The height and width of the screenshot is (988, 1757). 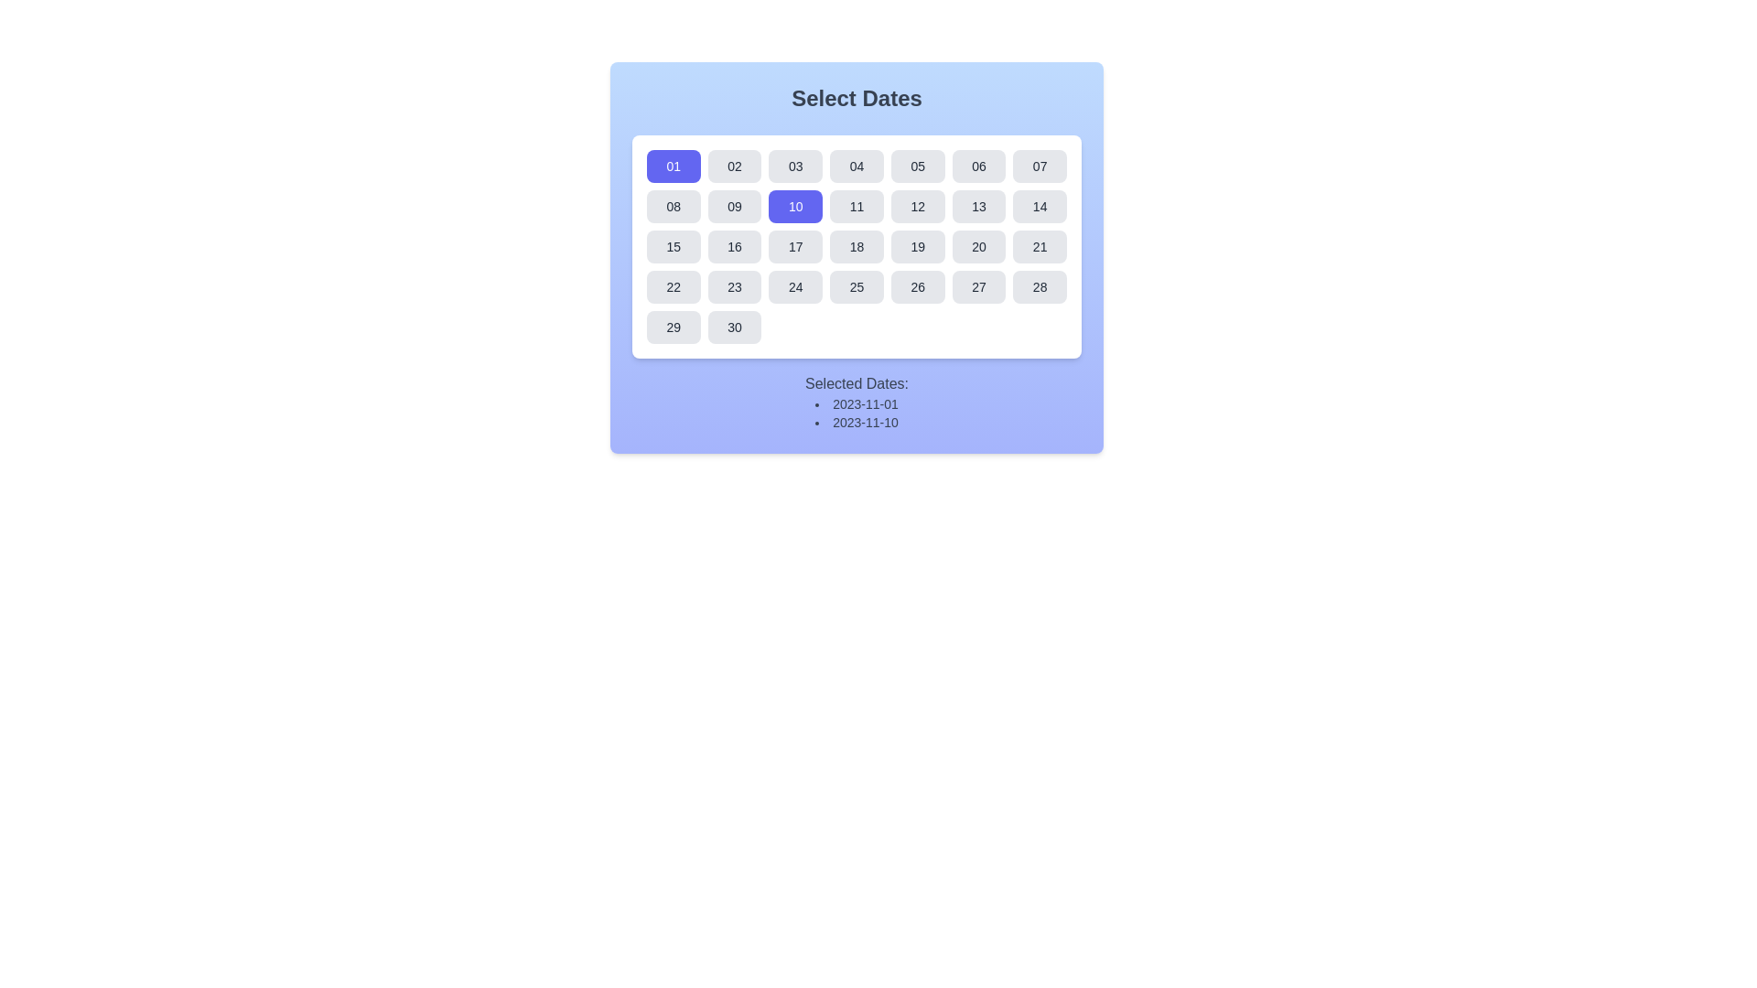 I want to click on the button representing the ninth date of the month in the calendar layout for keyboard interaction, so click(x=735, y=206).